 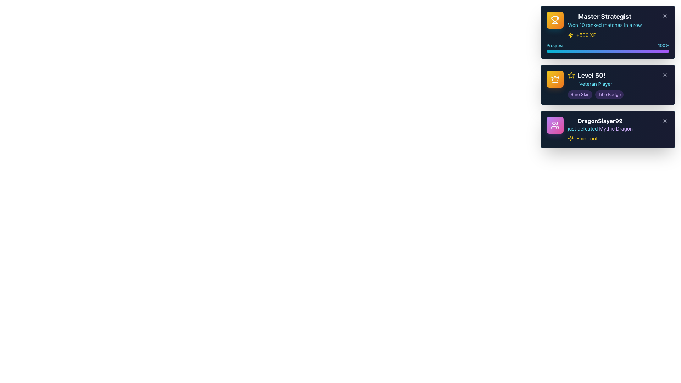 I want to click on the small yellow lightning bolt-shaped icon positioned to the left of the '+500 XP' text label in the top-right corner of the interface, so click(x=570, y=35).